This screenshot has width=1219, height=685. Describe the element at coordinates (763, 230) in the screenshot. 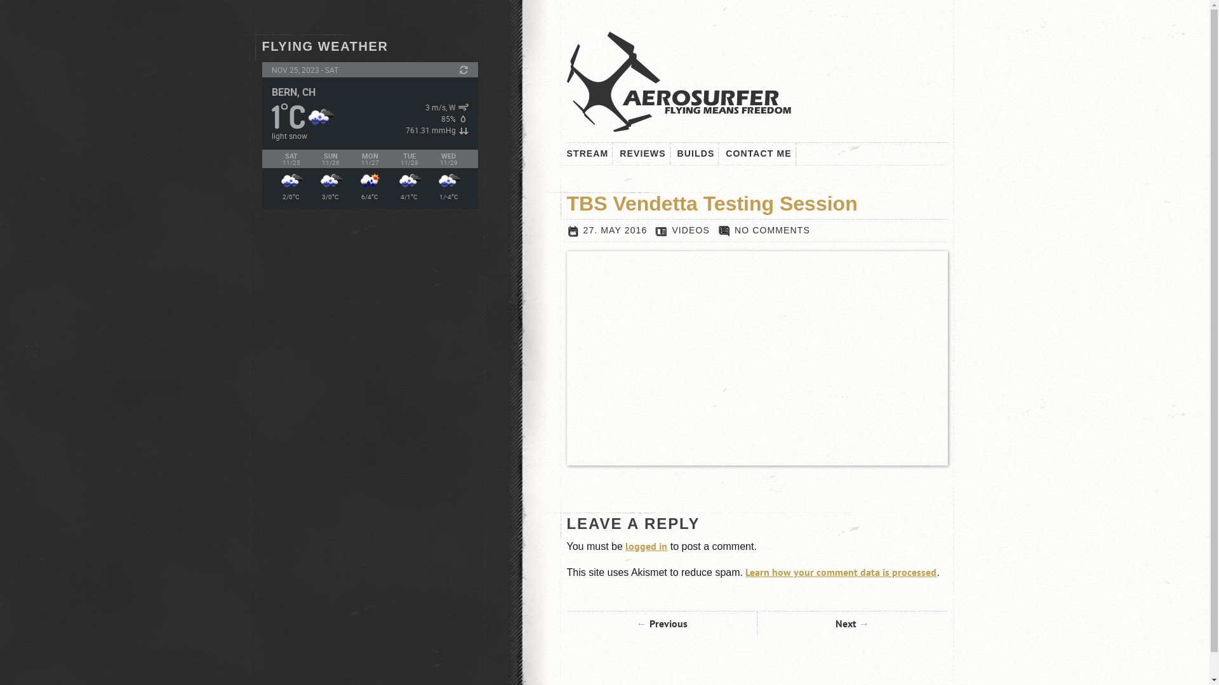

I see `'NO COMMENTS'` at that location.